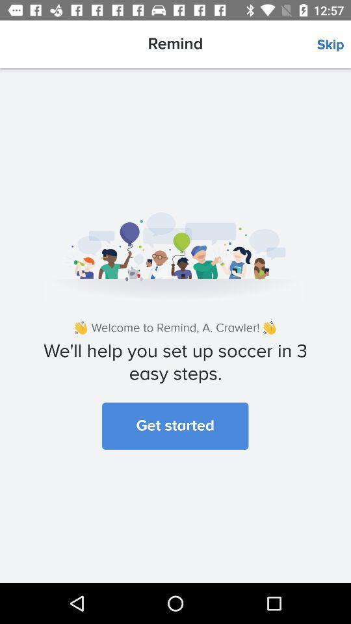 This screenshot has width=351, height=624. I want to click on icon to the right of the remind, so click(333, 45).